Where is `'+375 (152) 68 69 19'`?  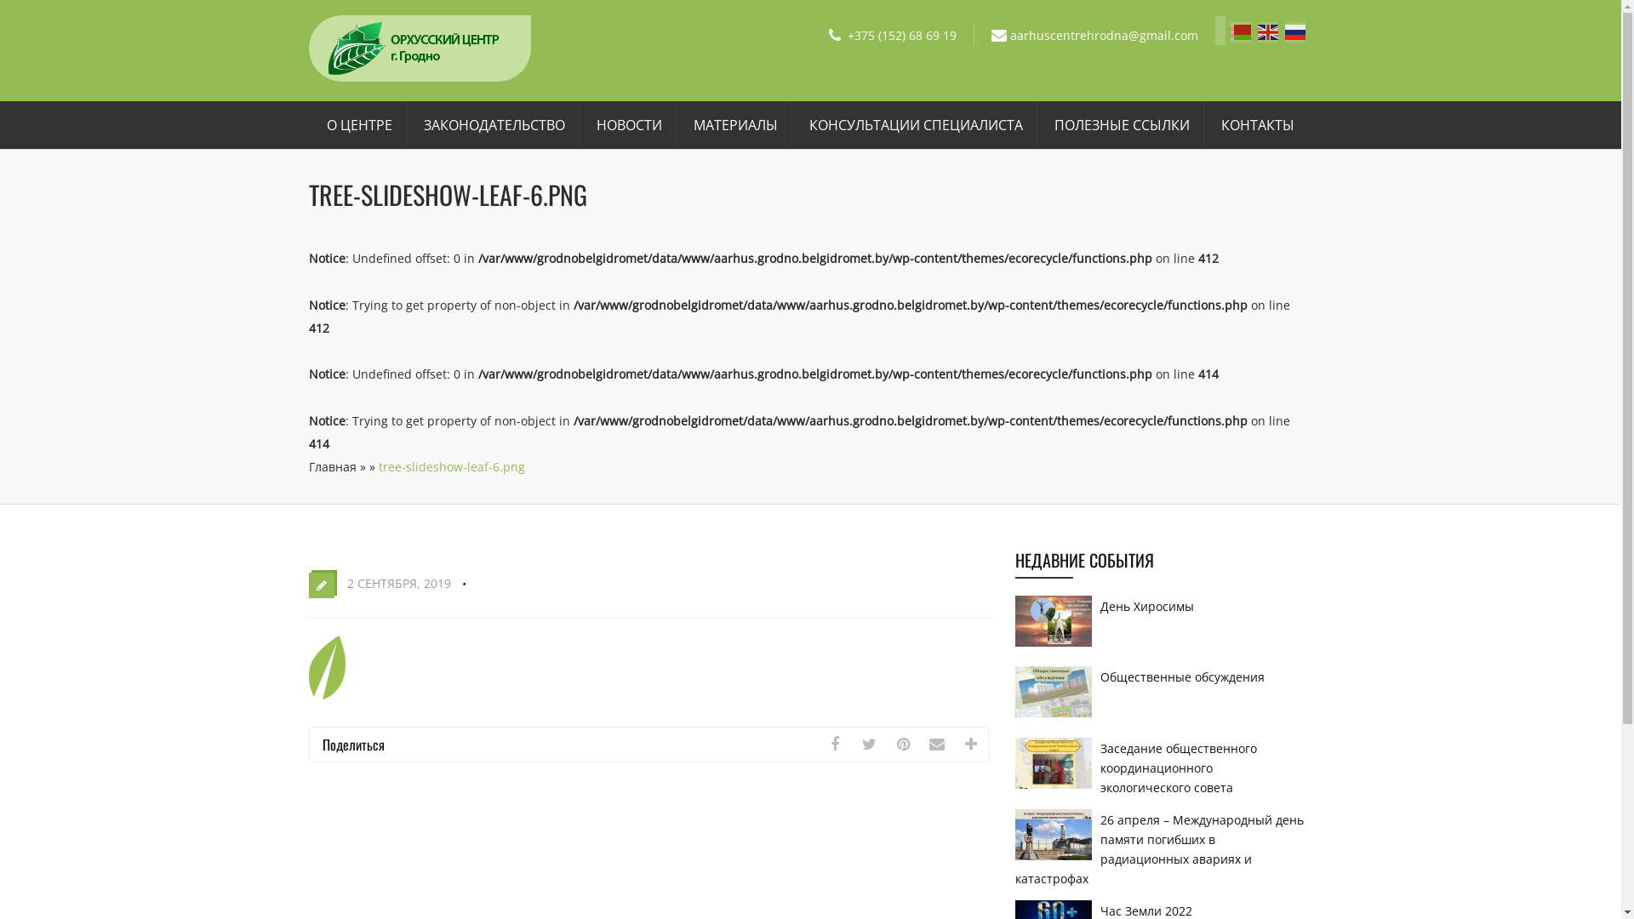
'+375 (152) 68 69 19' is located at coordinates (901, 35).